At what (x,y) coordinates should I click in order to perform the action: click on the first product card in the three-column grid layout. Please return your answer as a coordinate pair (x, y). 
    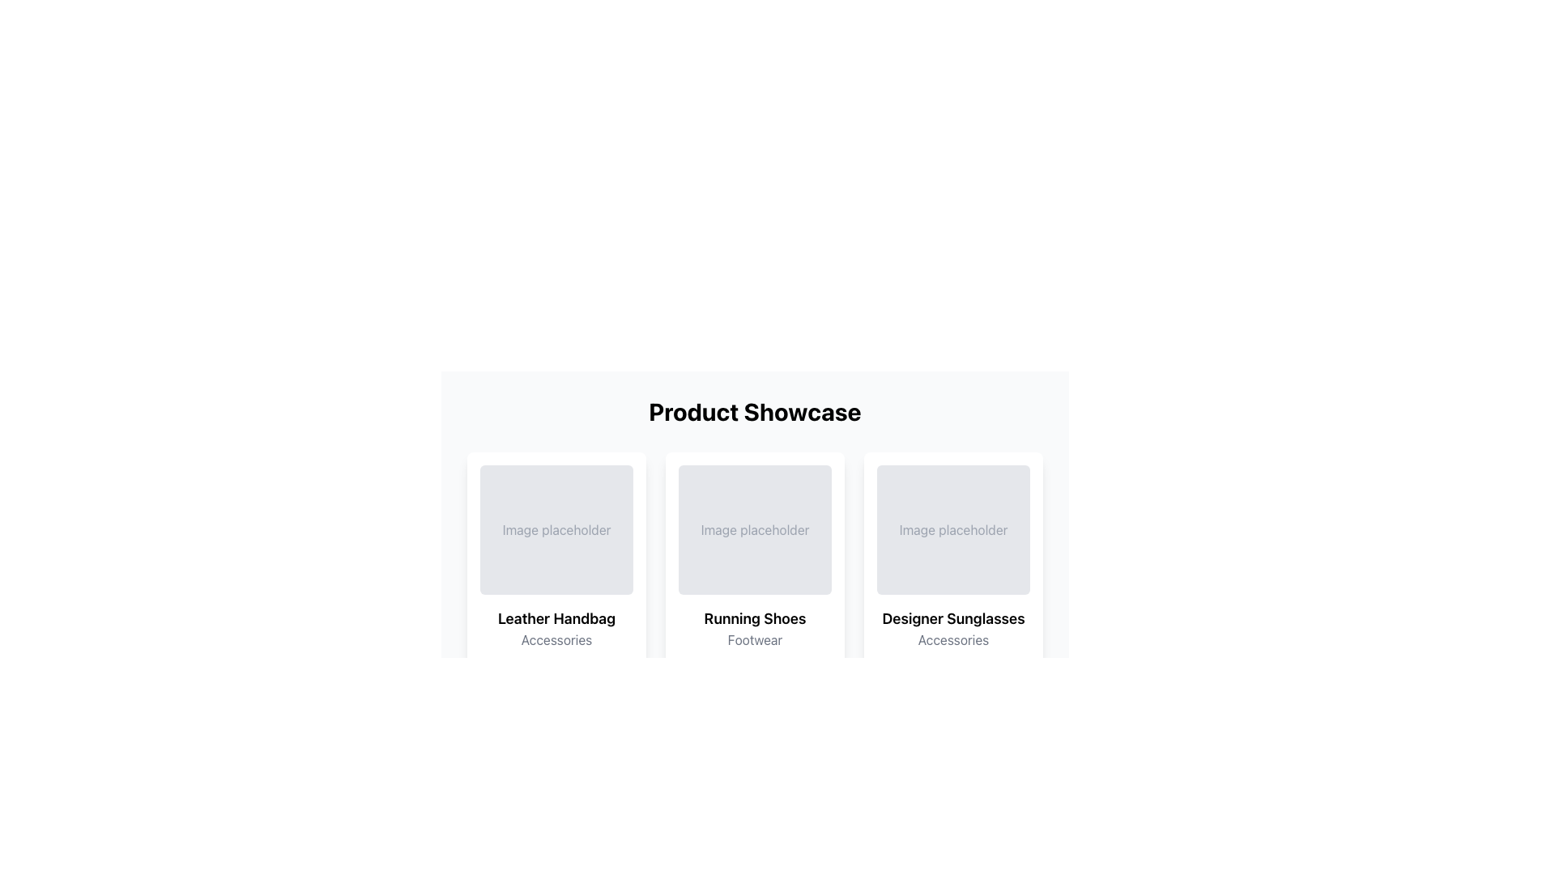
    Looking at the image, I should click on (556, 626).